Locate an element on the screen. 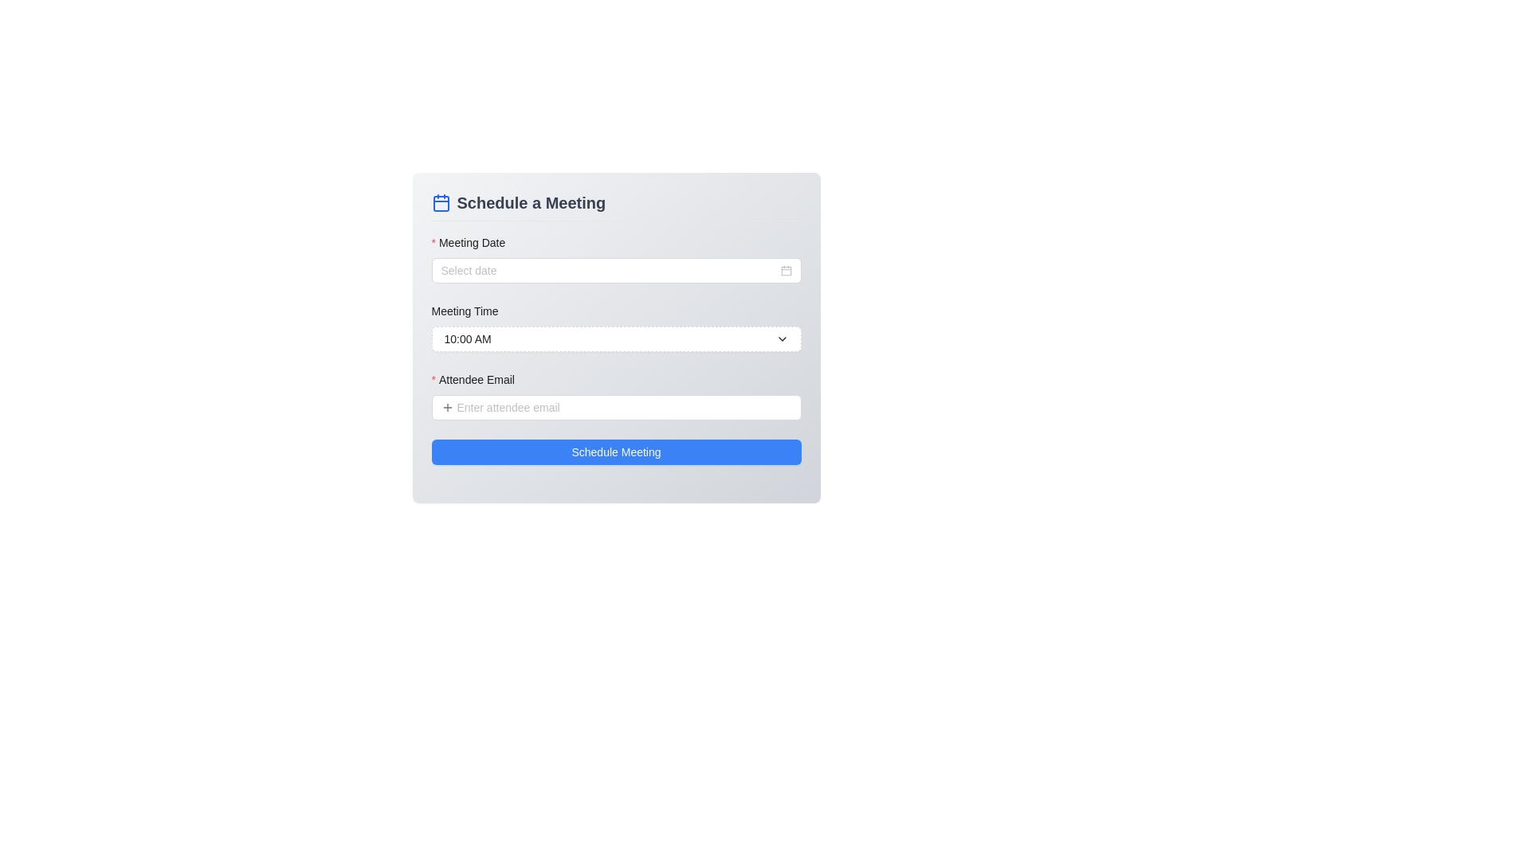  a date using the calendar picker from the Date Picker Input Field located at the top of the 'Schedule a Meeting' form is located at coordinates (615, 257).